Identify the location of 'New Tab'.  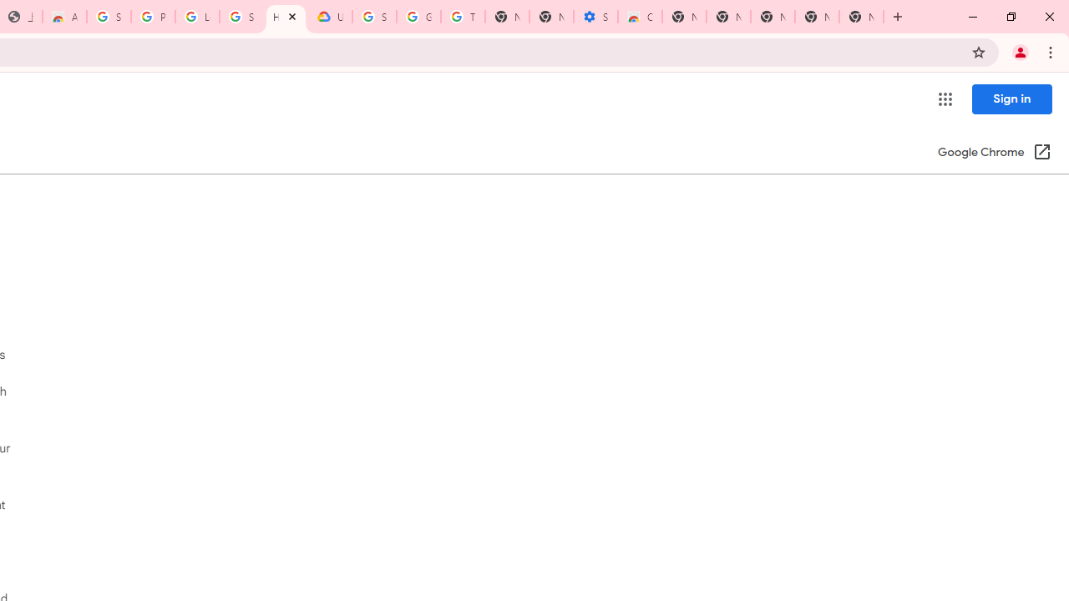
(861, 17).